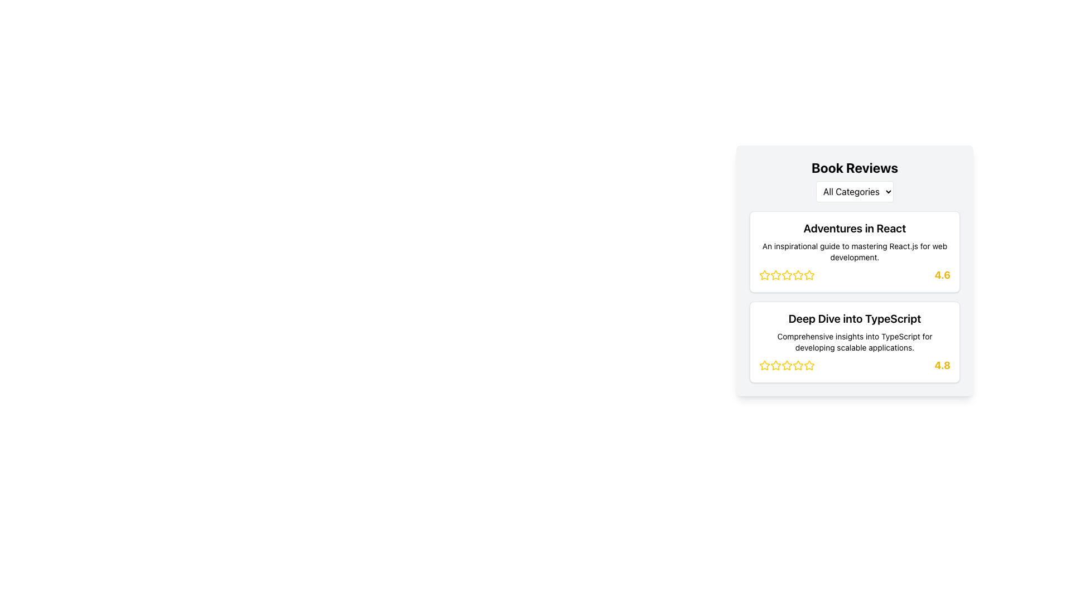 The image size is (1071, 602). I want to click on the fourth yellow star in the rating bar of the 'Adventures in React' book review section, so click(787, 275).